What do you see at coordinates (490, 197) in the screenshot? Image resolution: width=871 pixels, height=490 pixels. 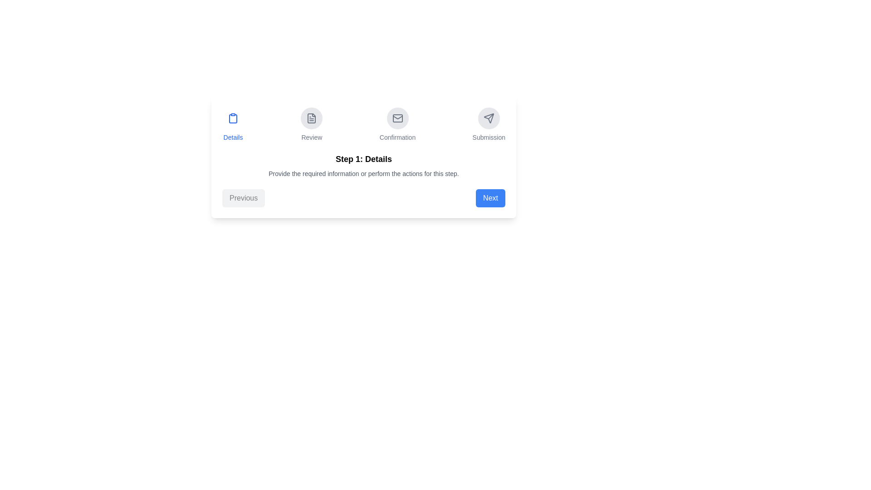 I see `'Next' button to proceed to the next step` at bounding box center [490, 197].